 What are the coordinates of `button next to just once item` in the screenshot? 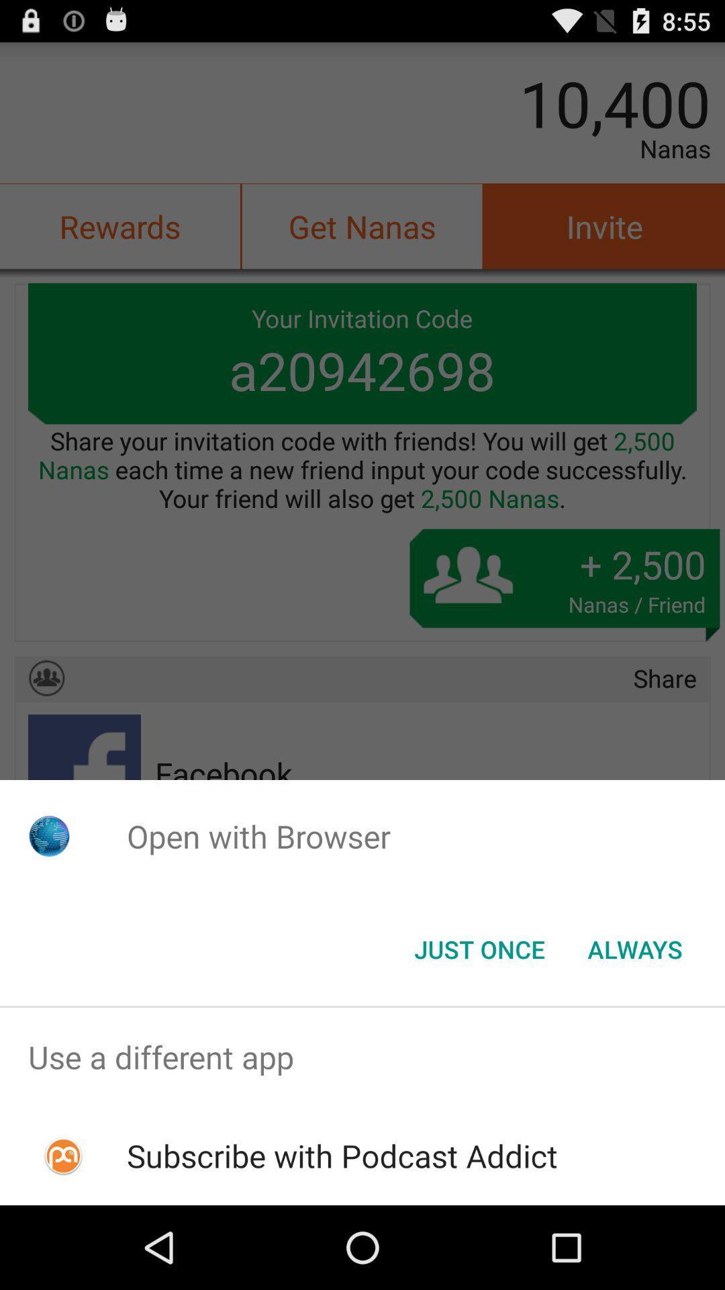 It's located at (634, 948).